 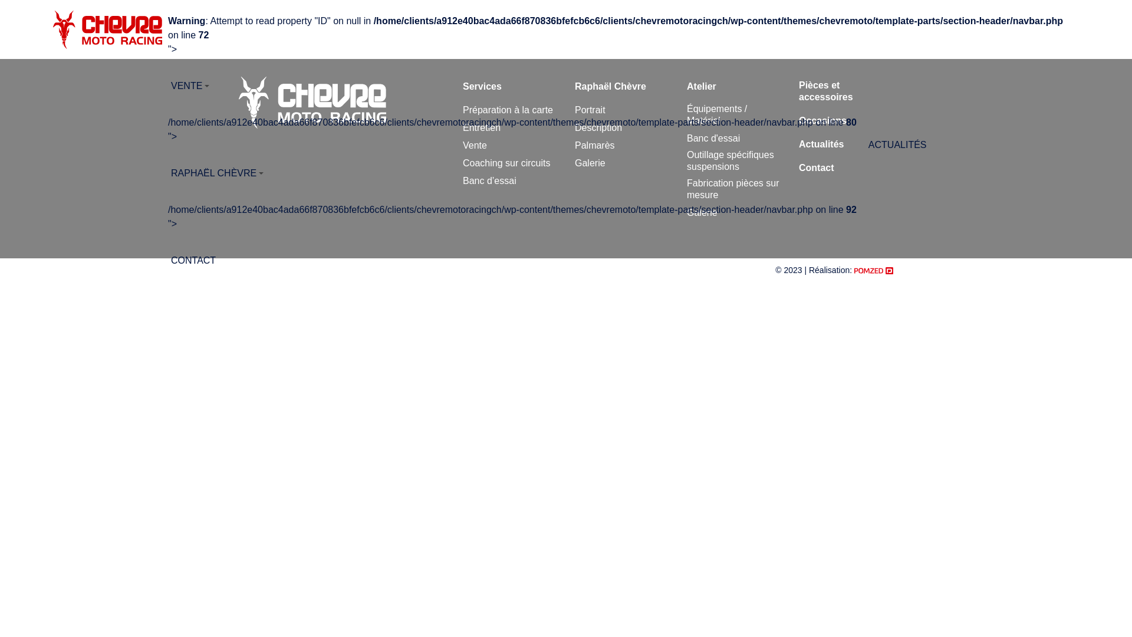 I want to click on 'Banc d'essai', so click(x=712, y=138).